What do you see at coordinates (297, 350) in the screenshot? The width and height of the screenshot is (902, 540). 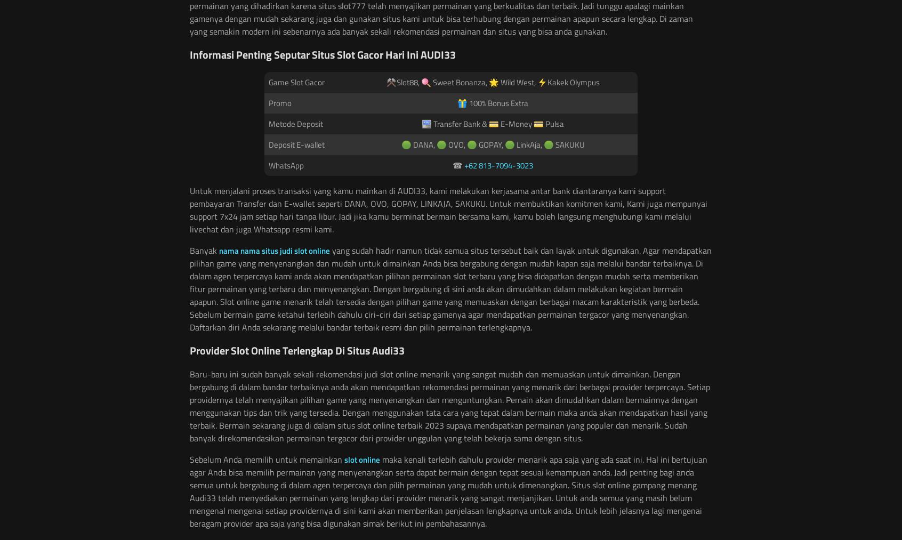 I see `'Provider Slot Online Terlengkap Di Situs Audi33'` at bounding box center [297, 350].